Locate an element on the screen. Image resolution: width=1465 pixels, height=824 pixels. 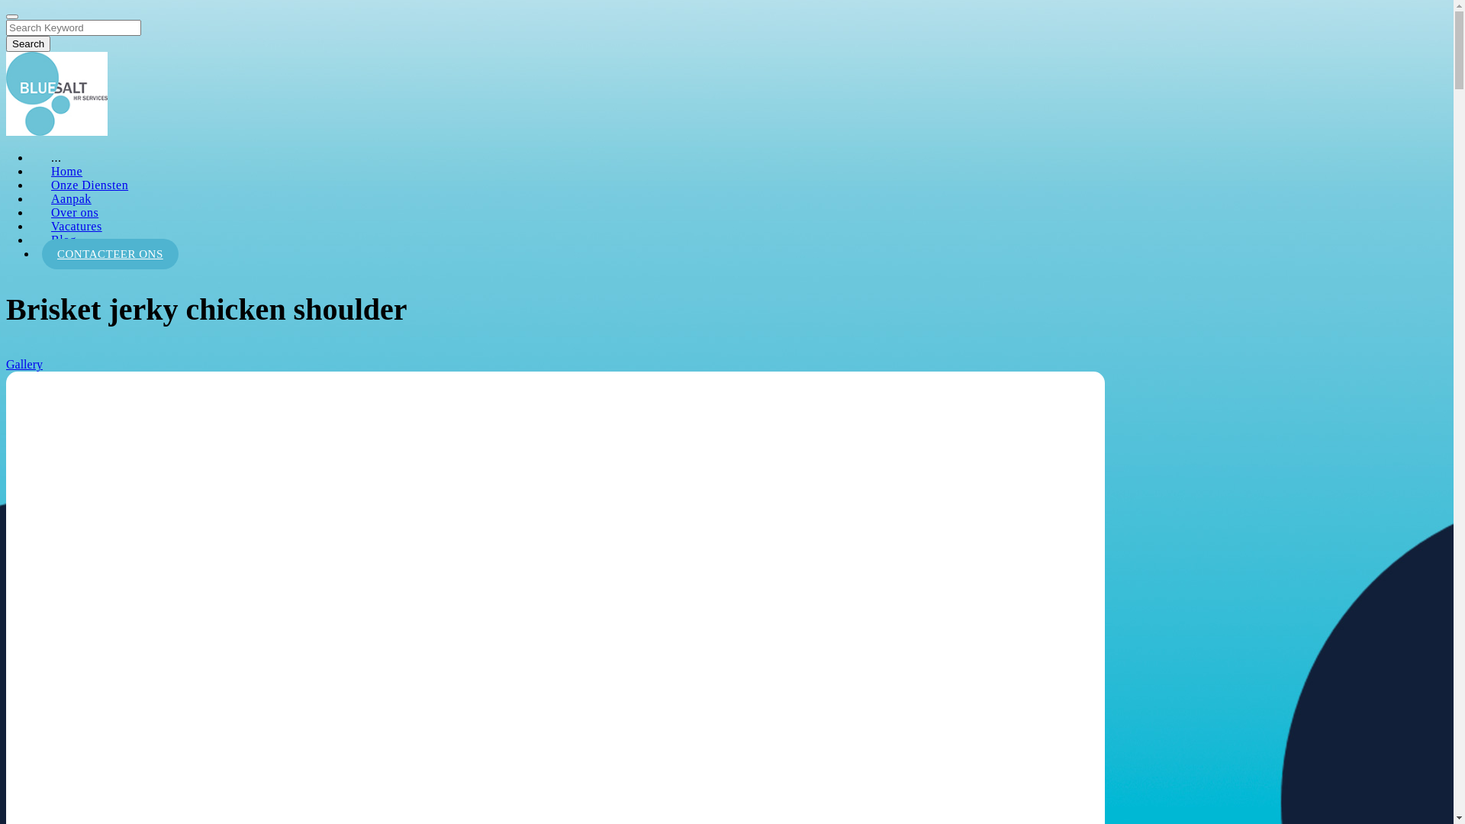
'Home' is located at coordinates (66, 171).